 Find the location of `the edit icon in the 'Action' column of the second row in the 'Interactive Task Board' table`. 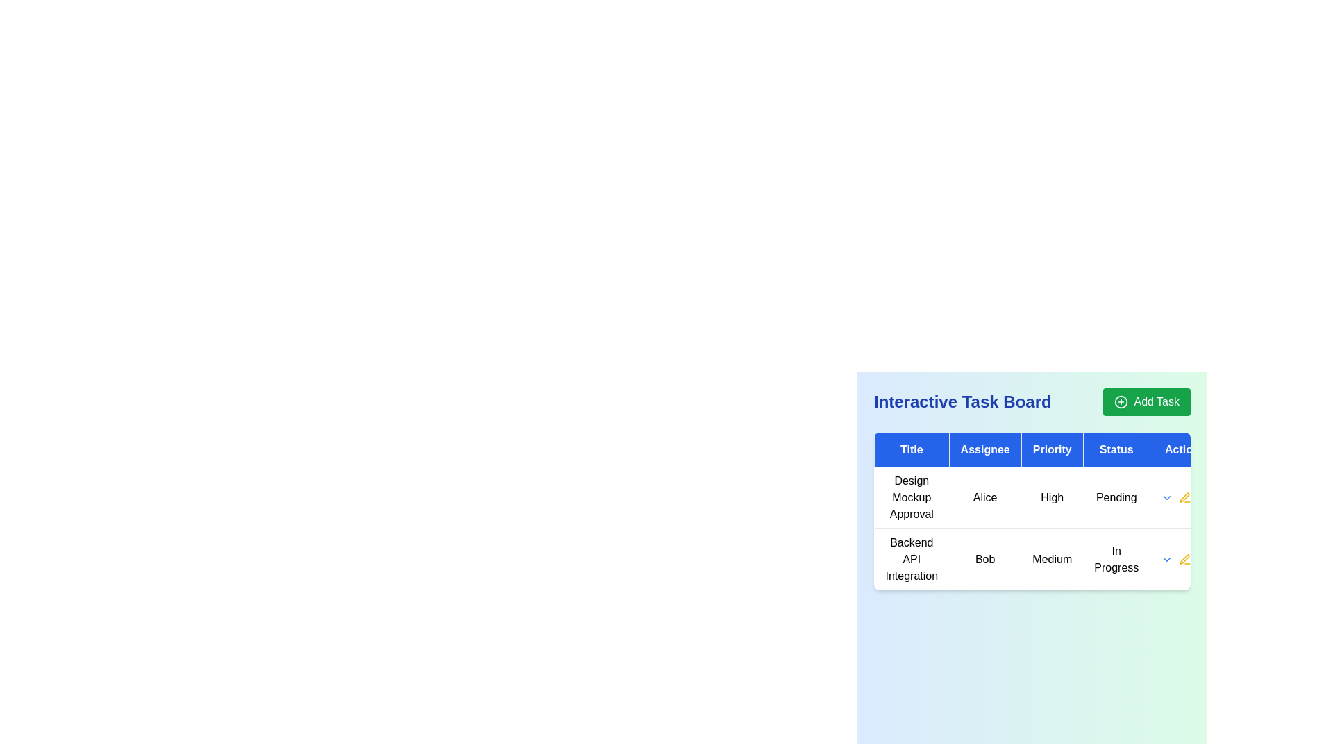

the edit icon in the 'Action' column of the second row in the 'Interactive Task Board' table is located at coordinates (1184, 497).